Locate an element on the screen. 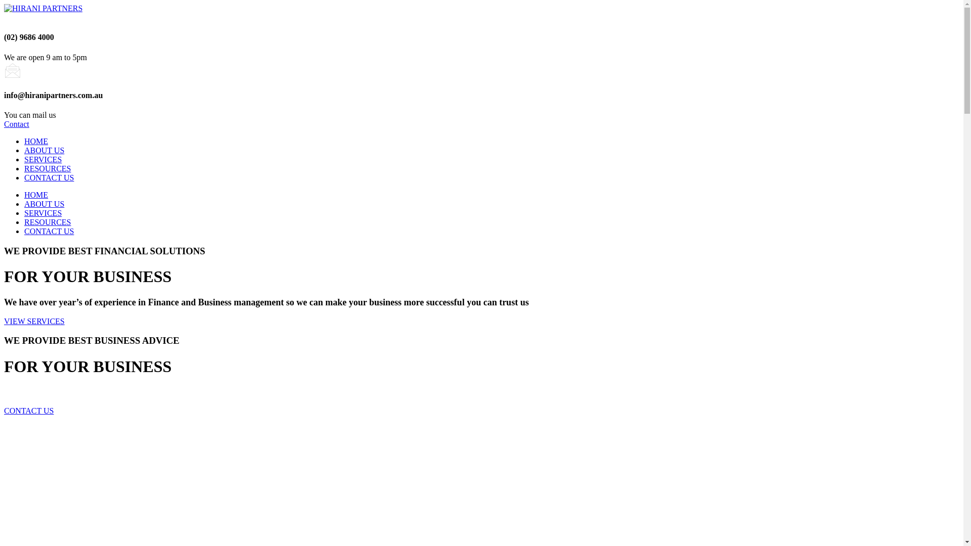 Image resolution: width=971 pixels, height=546 pixels. 'CONTACT US' is located at coordinates (48, 177).